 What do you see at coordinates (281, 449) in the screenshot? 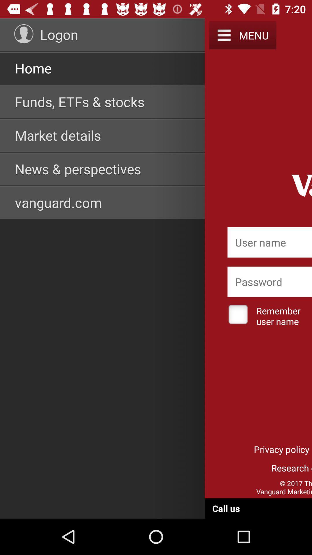
I see `item below the remember` at bounding box center [281, 449].